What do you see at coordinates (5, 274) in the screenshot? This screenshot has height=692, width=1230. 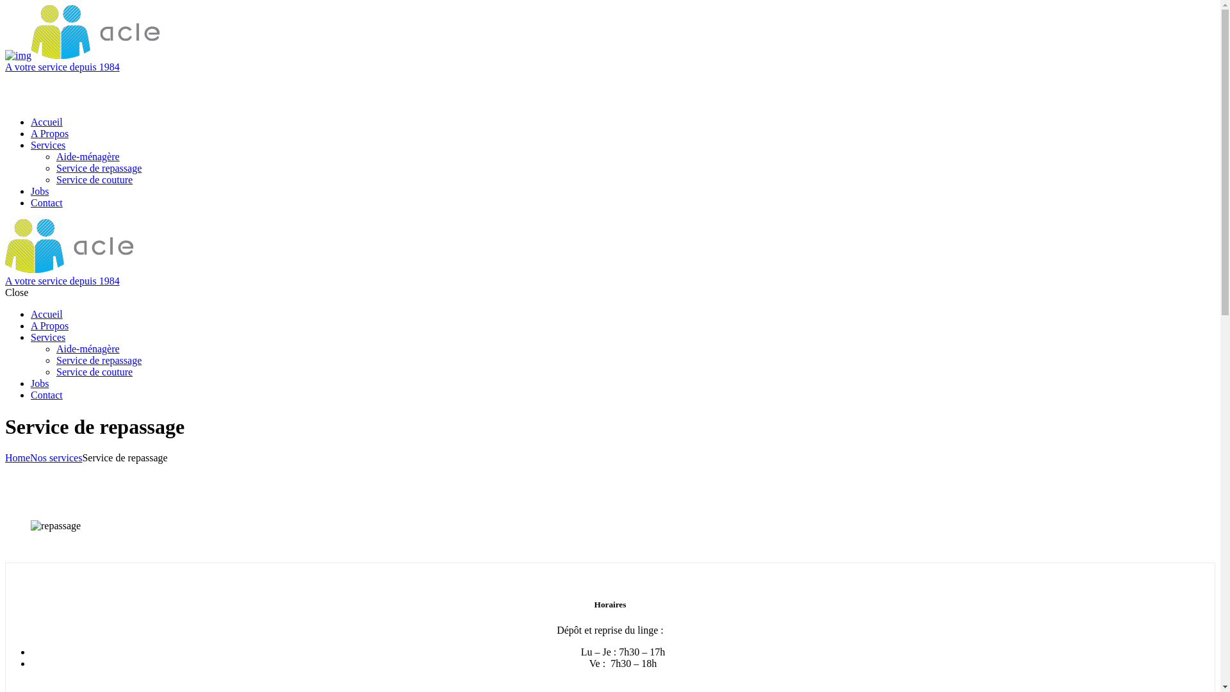 I see `'A votre service depuis 1984'` at bounding box center [5, 274].